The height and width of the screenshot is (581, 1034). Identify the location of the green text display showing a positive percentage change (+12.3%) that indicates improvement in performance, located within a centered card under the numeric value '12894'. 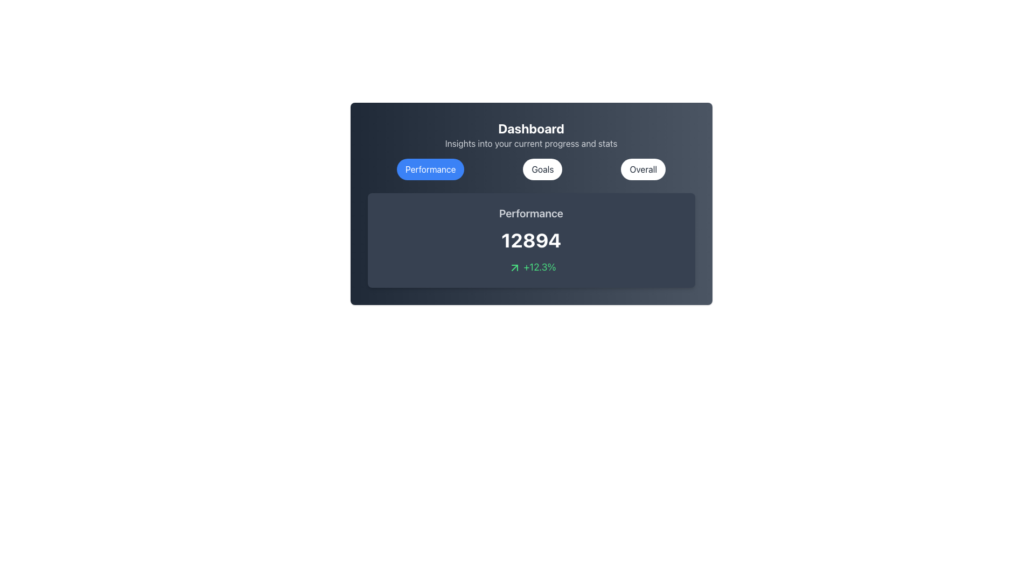
(531, 267).